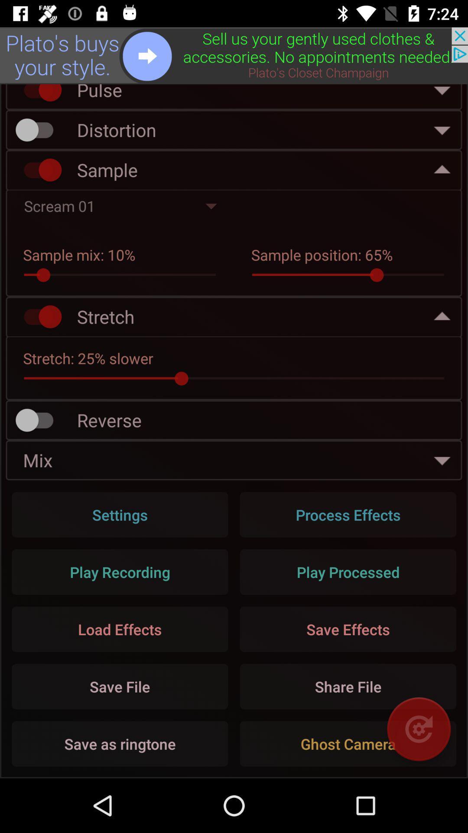 The height and width of the screenshot is (833, 468). I want to click on stretch option, so click(38, 316).